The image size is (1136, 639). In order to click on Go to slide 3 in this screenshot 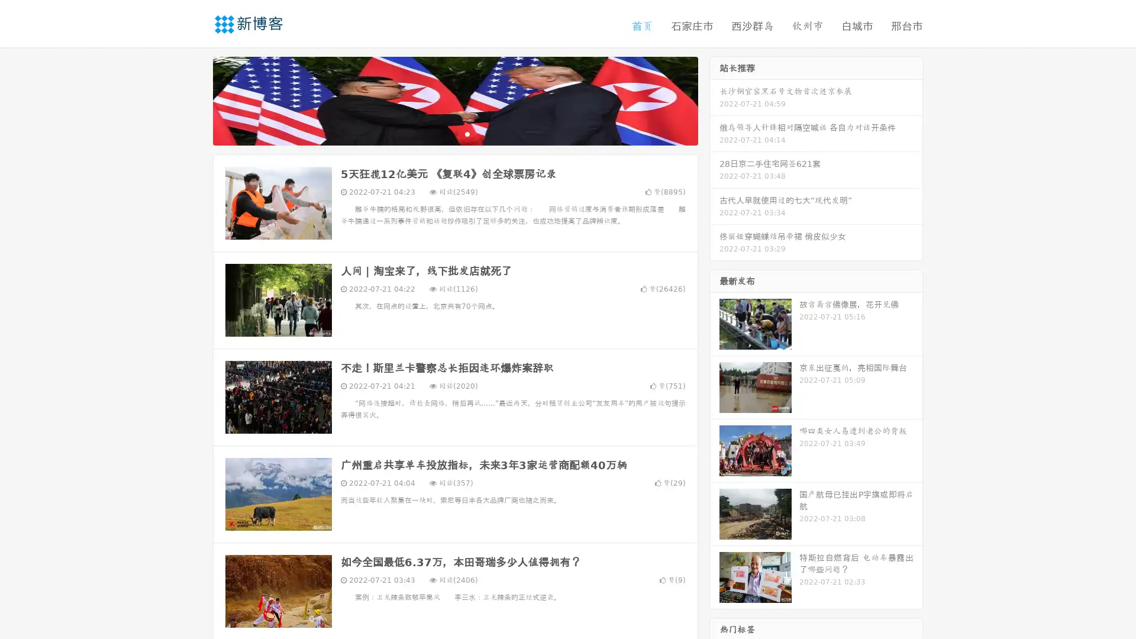, I will do `click(467, 133)`.